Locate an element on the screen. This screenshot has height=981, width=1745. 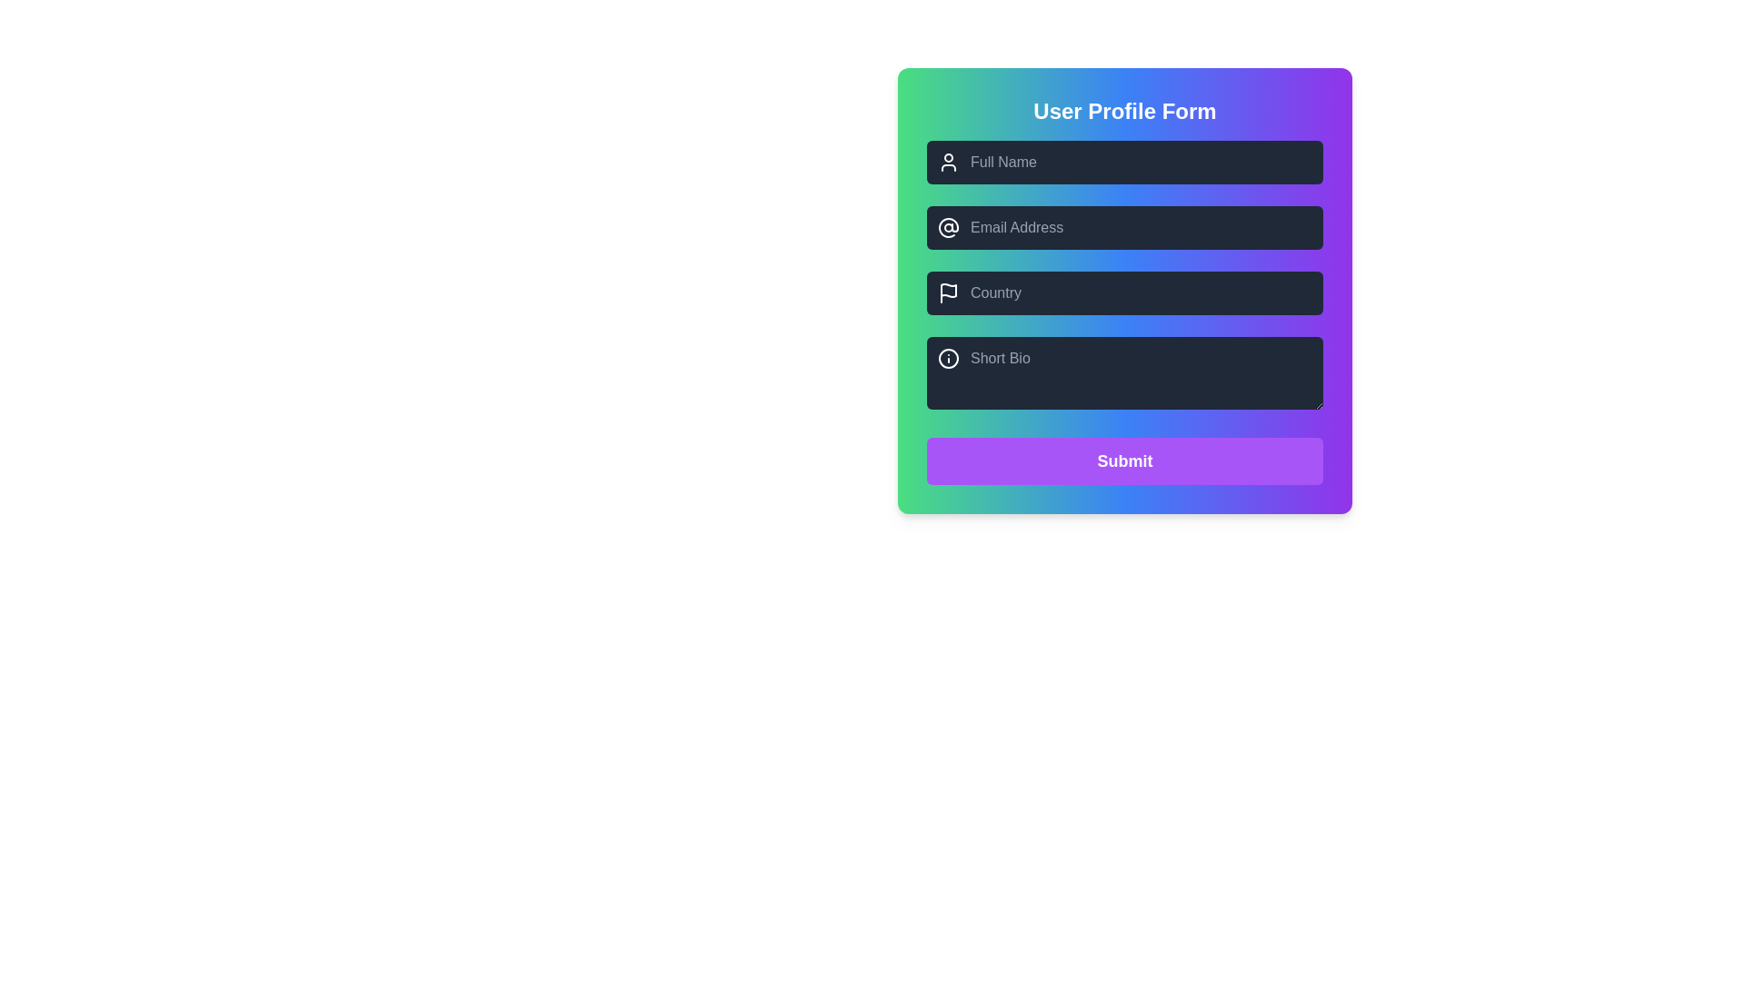
the second input field for email address located below 'Full Name' and above 'Country' for visual feedback is located at coordinates (1124, 226).